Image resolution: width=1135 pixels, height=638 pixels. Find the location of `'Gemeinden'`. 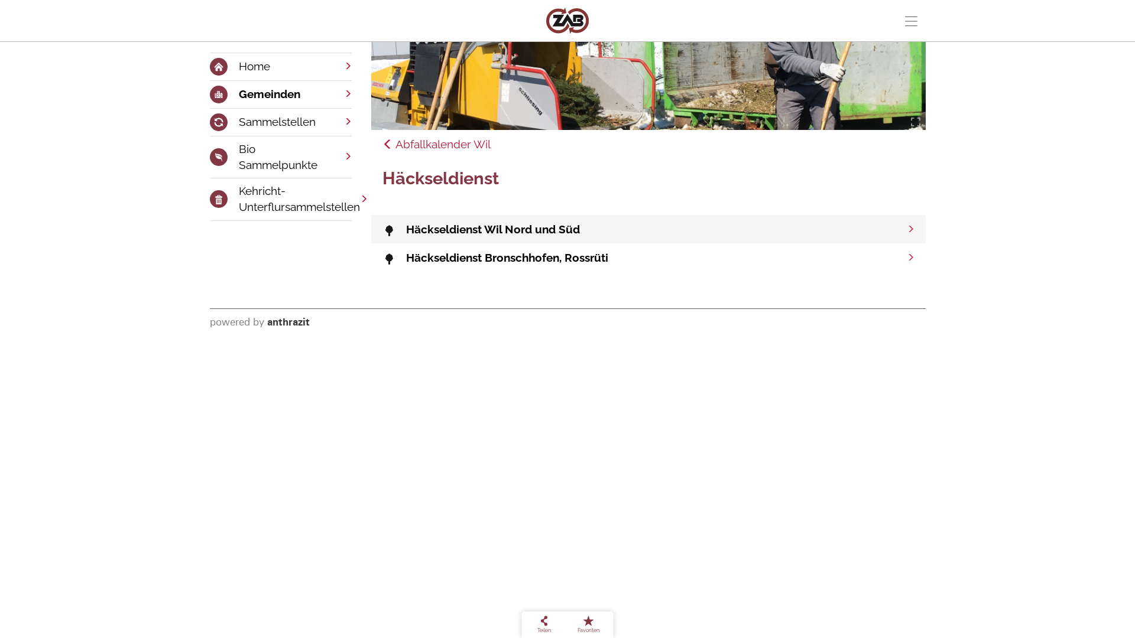

'Gemeinden' is located at coordinates (280, 93).